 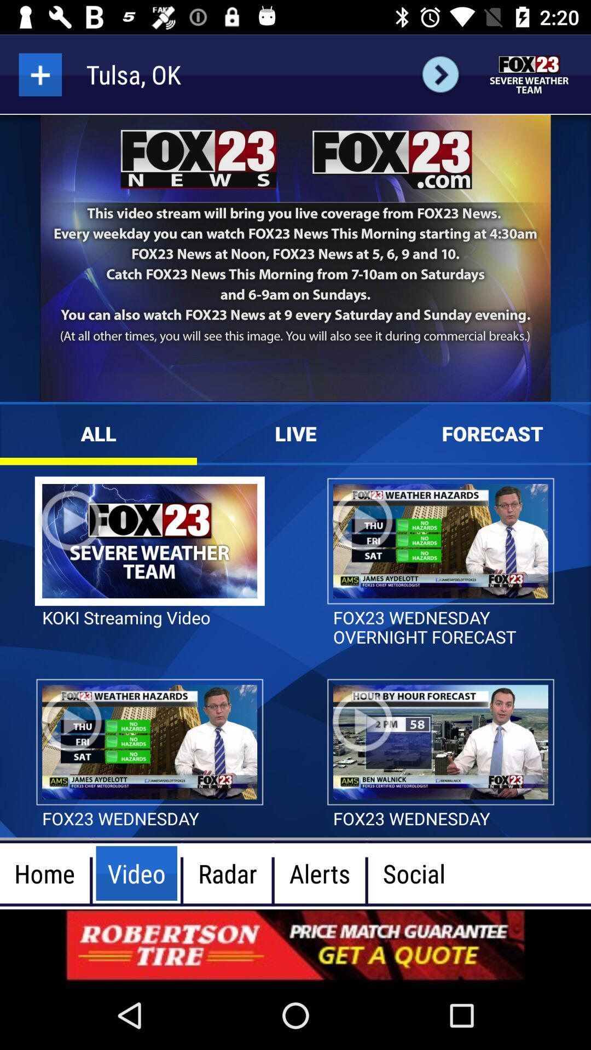 I want to click on the add icon, so click(x=39, y=74).